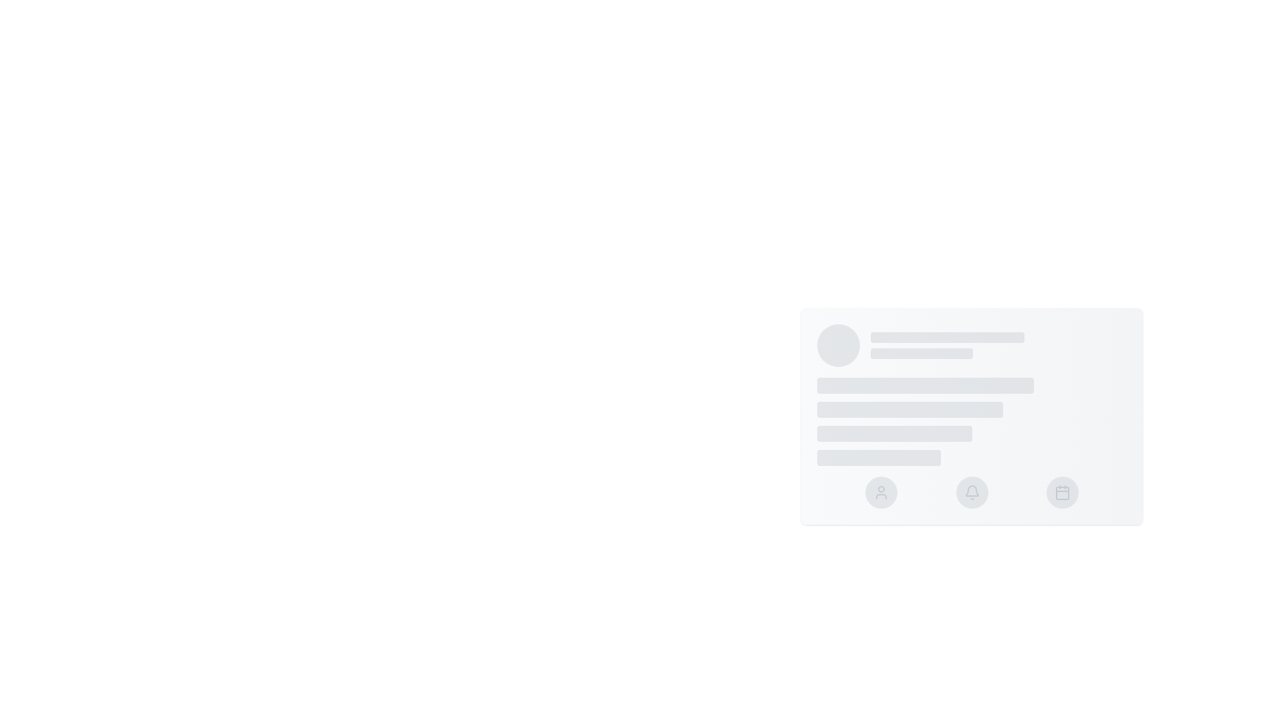 The width and height of the screenshot is (1284, 722). I want to click on the first non-interactive placeholder bar, which is a horizontal, pale gray bar with rounded corners, serving as a loading indicator, centrally located within a card-like structure, so click(925, 386).